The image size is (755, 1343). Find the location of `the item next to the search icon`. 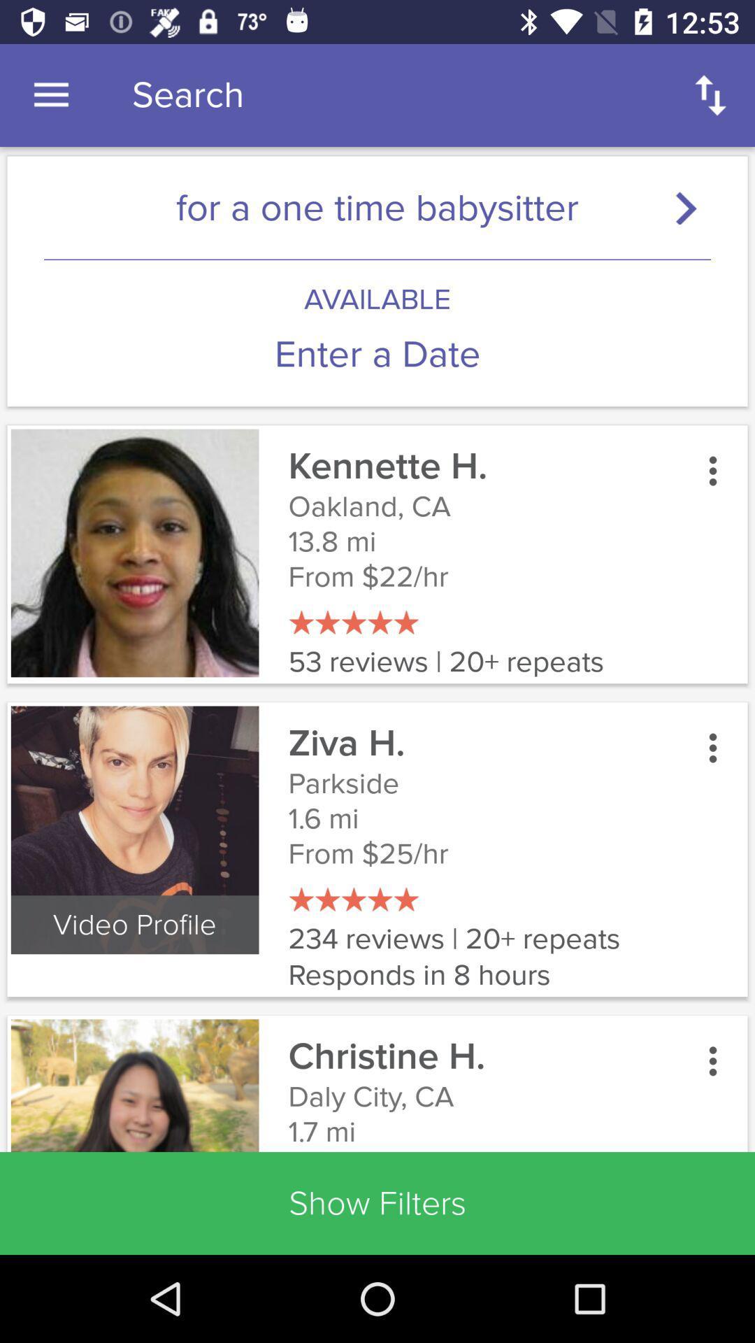

the item next to the search icon is located at coordinates (50, 94).